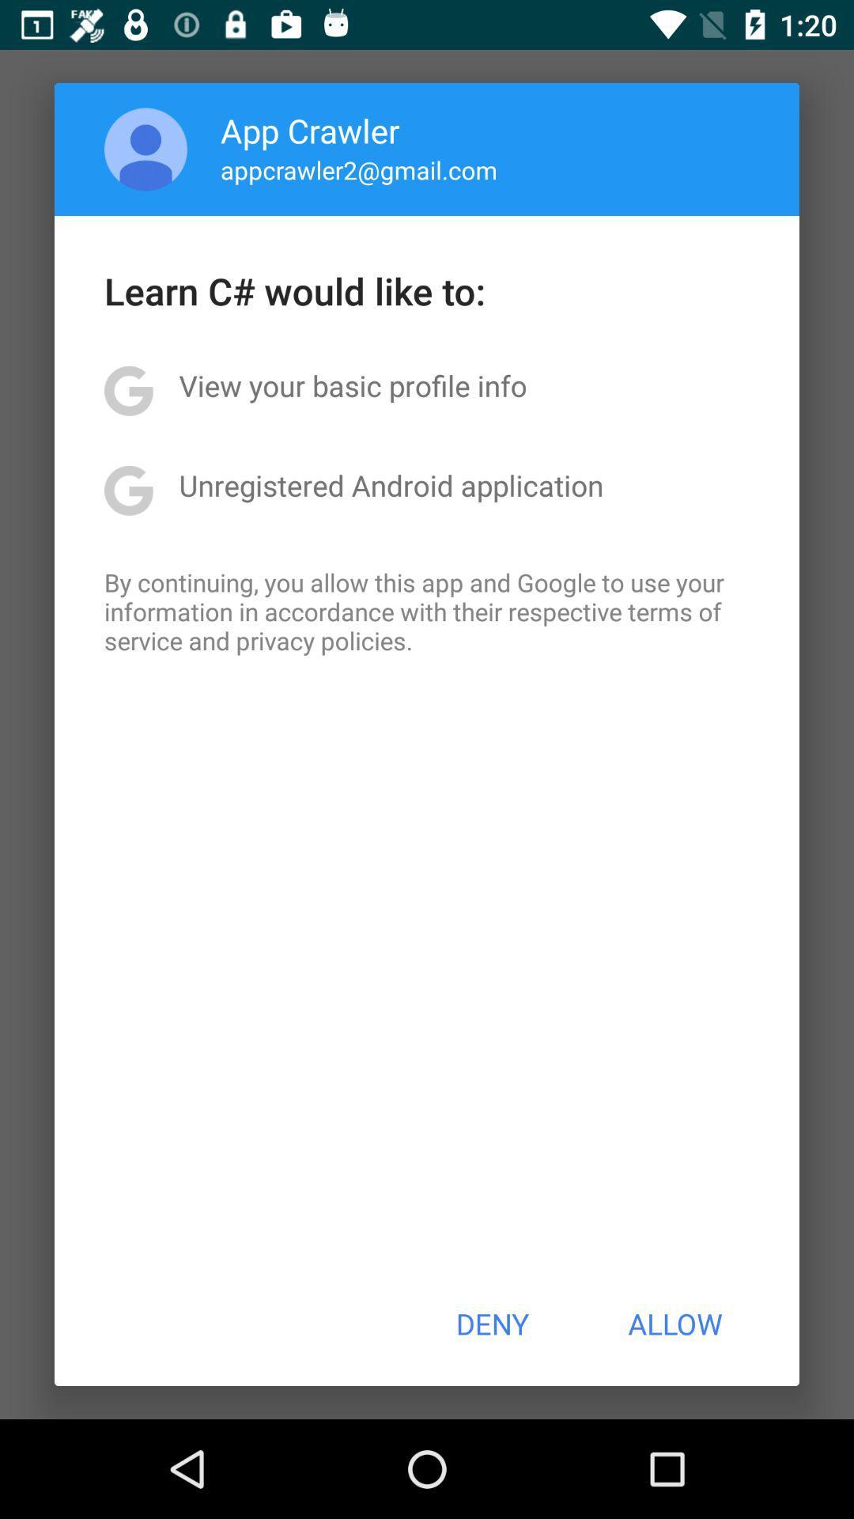 The height and width of the screenshot is (1519, 854). I want to click on the app below the learn c would icon, so click(352, 385).